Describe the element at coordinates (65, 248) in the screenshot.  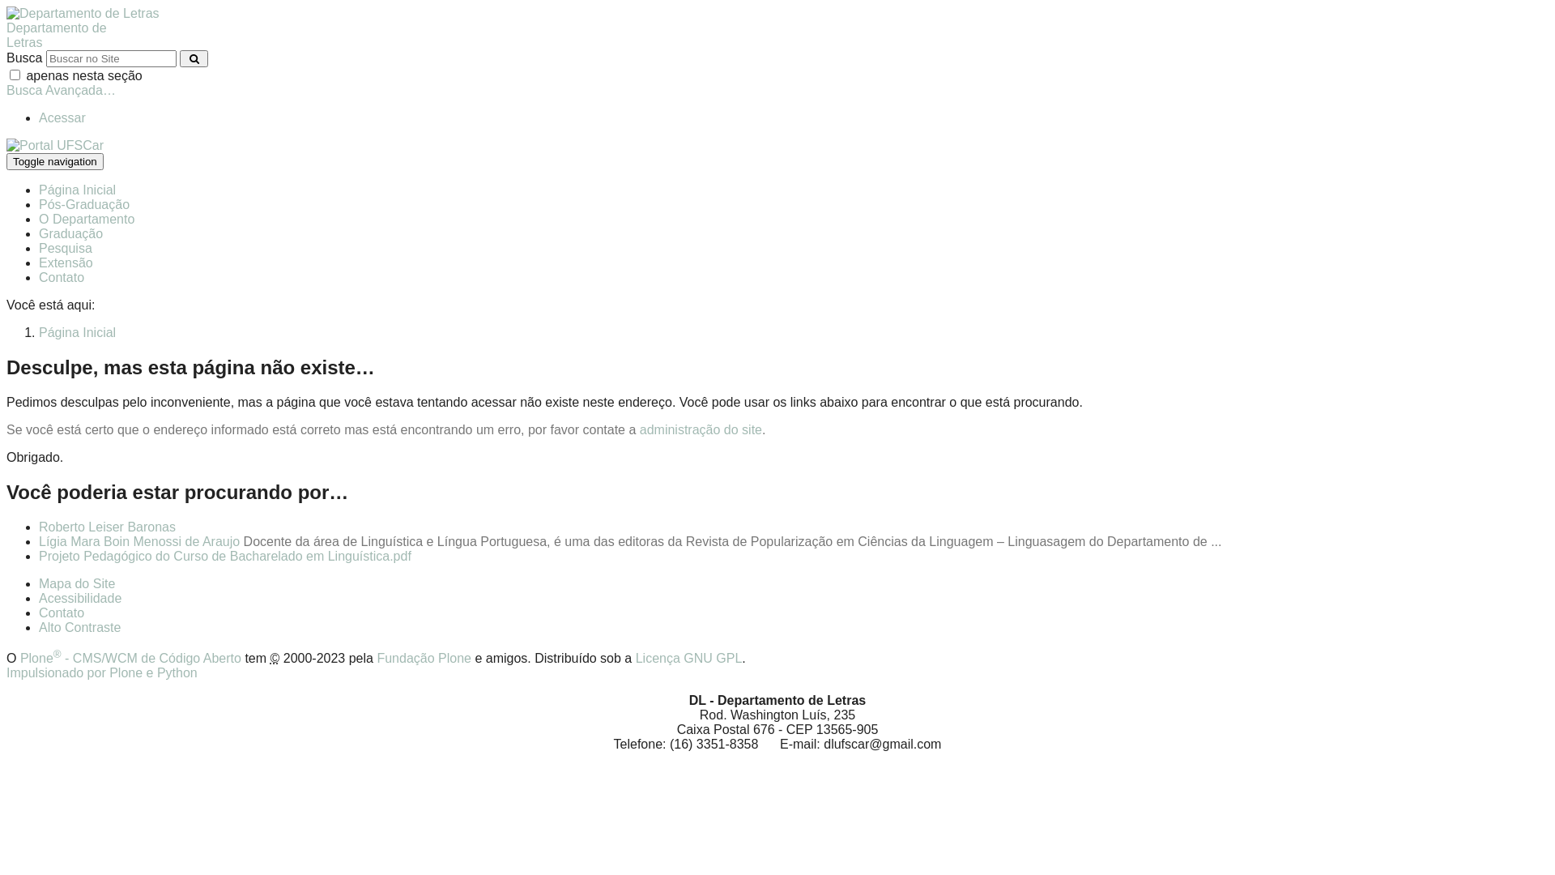
I see `'Pesquisa'` at that location.